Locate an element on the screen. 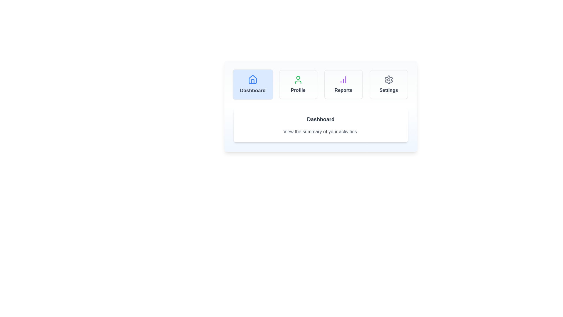  the tab labeled 'Settings' to observe its hover effect is located at coordinates (389, 85).